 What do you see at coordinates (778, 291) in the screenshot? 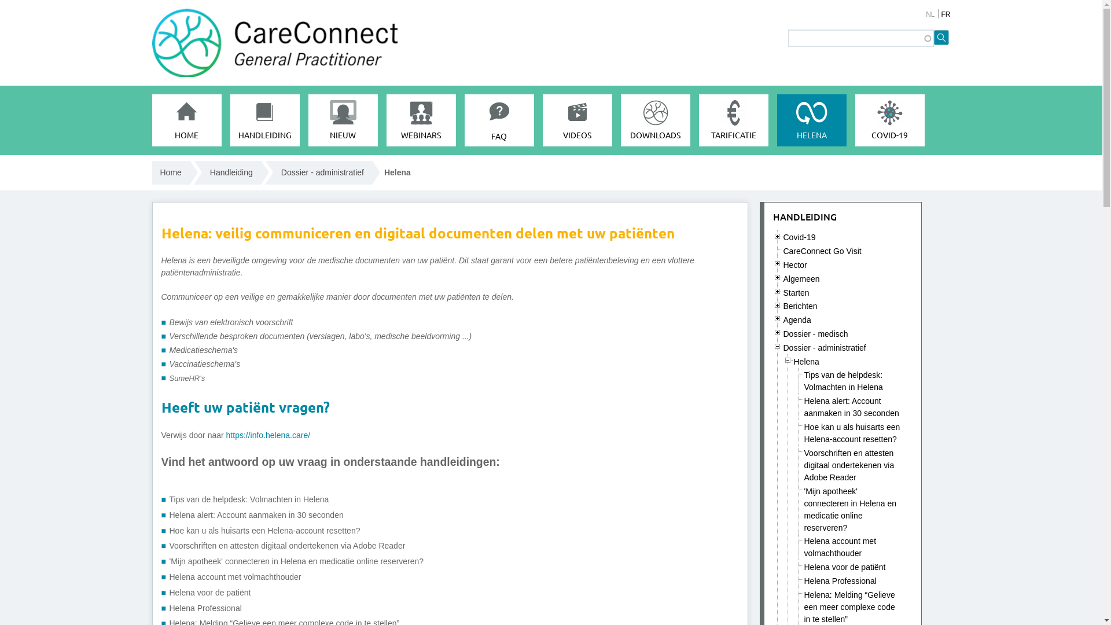
I see `' '` at bounding box center [778, 291].